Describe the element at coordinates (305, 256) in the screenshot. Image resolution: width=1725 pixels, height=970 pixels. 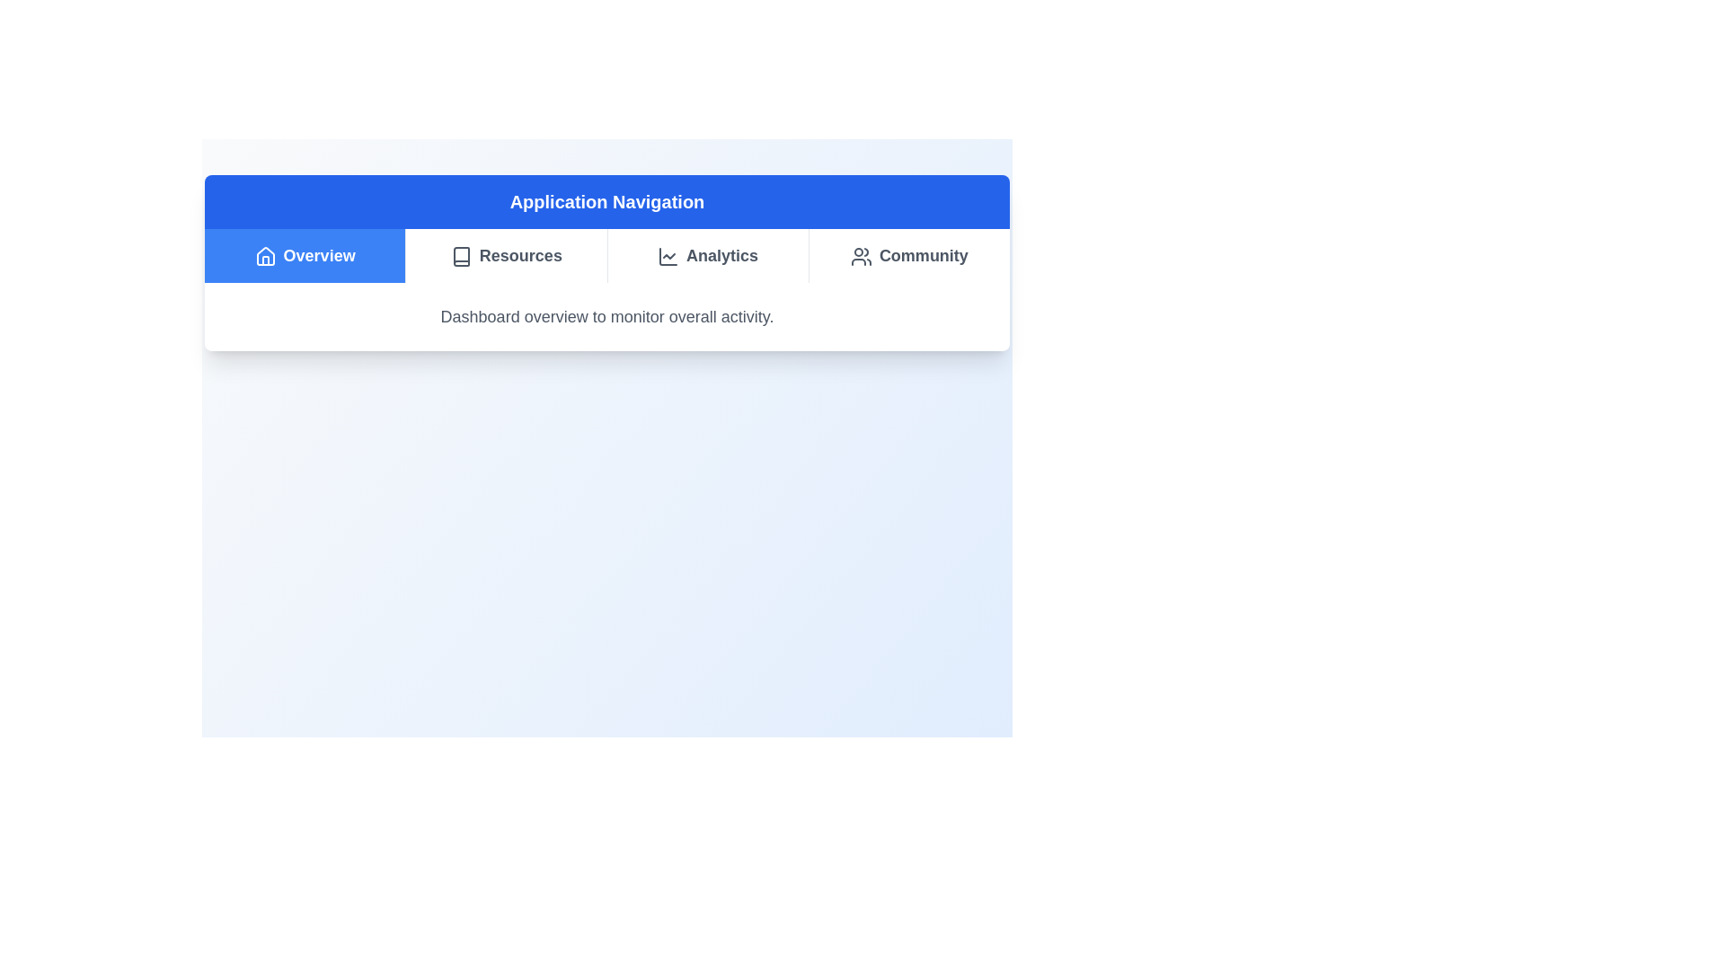
I see `the tab item corresponding to Overview` at that location.